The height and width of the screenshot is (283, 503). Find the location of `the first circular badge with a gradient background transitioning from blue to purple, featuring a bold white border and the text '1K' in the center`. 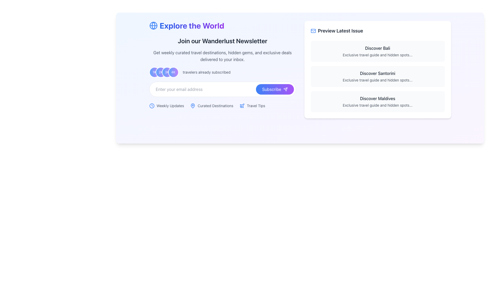

the first circular badge with a gradient background transitioning from blue to purple, featuring a bold white border and the text '1K' in the center is located at coordinates (154, 72).